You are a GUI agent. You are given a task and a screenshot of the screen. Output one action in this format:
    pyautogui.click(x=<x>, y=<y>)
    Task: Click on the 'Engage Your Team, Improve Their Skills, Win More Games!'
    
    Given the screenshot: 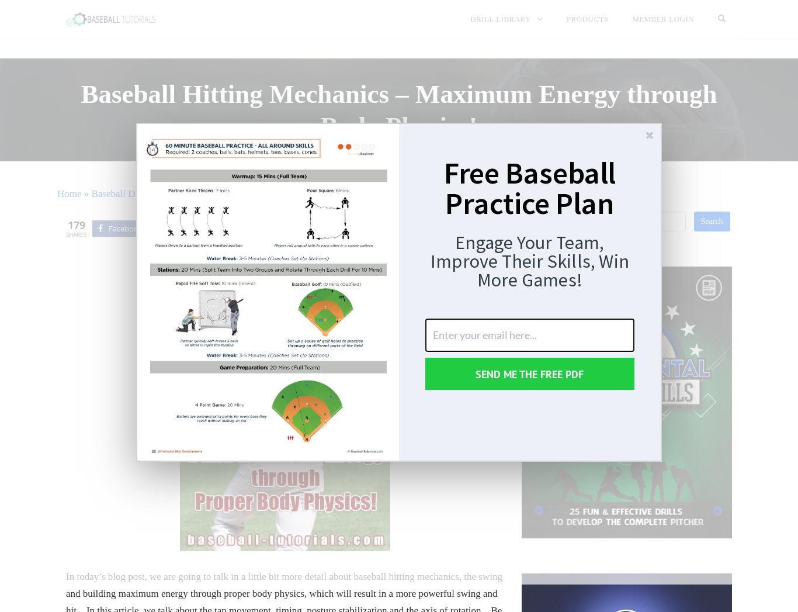 What is the action you would take?
    pyautogui.click(x=529, y=261)
    